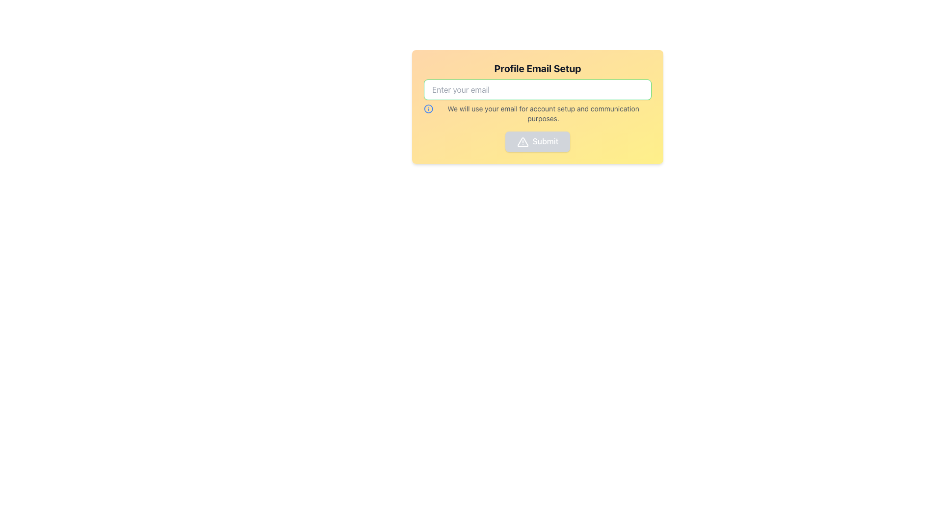  Describe the element at coordinates (428, 109) in the screenshot. I see `the circular icon with a blue outline against a yellow background located in the 'Profile Email Setup' dialog box, to the left of the 'Enter your email' text field` at that location.